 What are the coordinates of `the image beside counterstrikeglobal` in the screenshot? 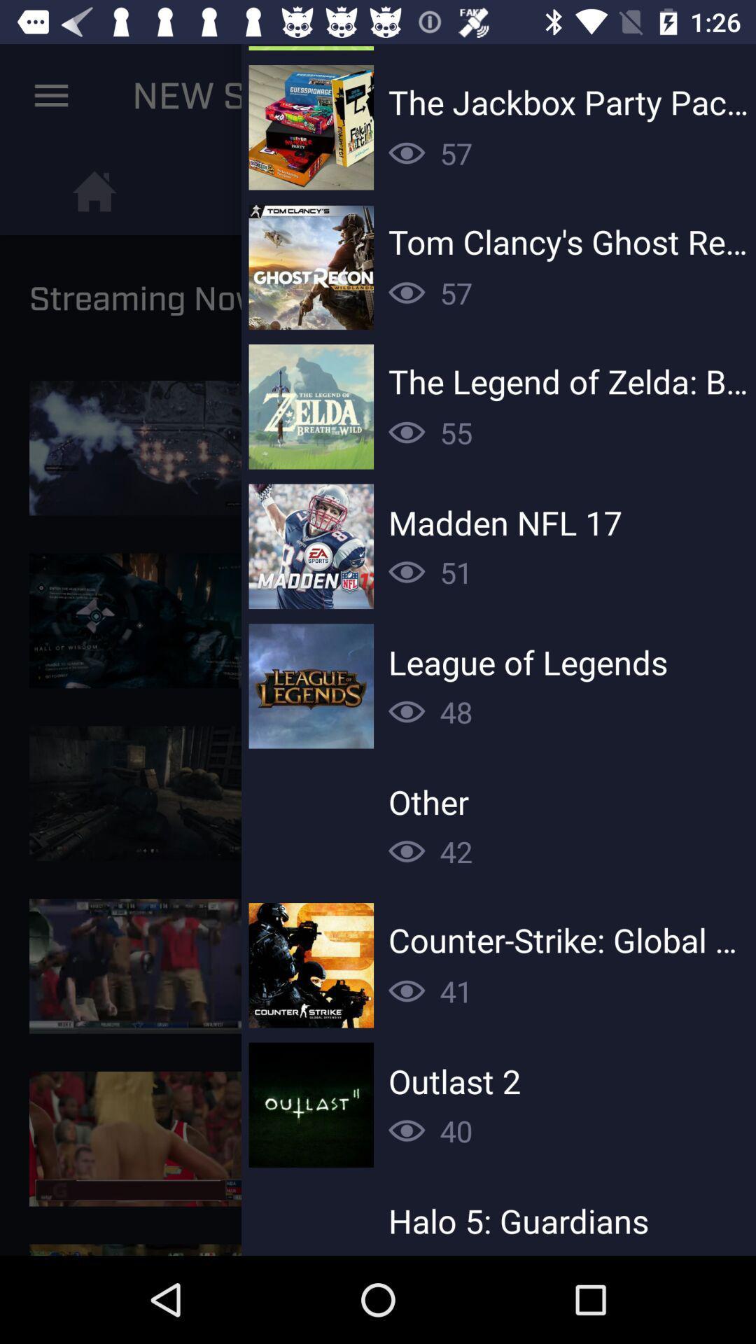 It's located at (310, 965).